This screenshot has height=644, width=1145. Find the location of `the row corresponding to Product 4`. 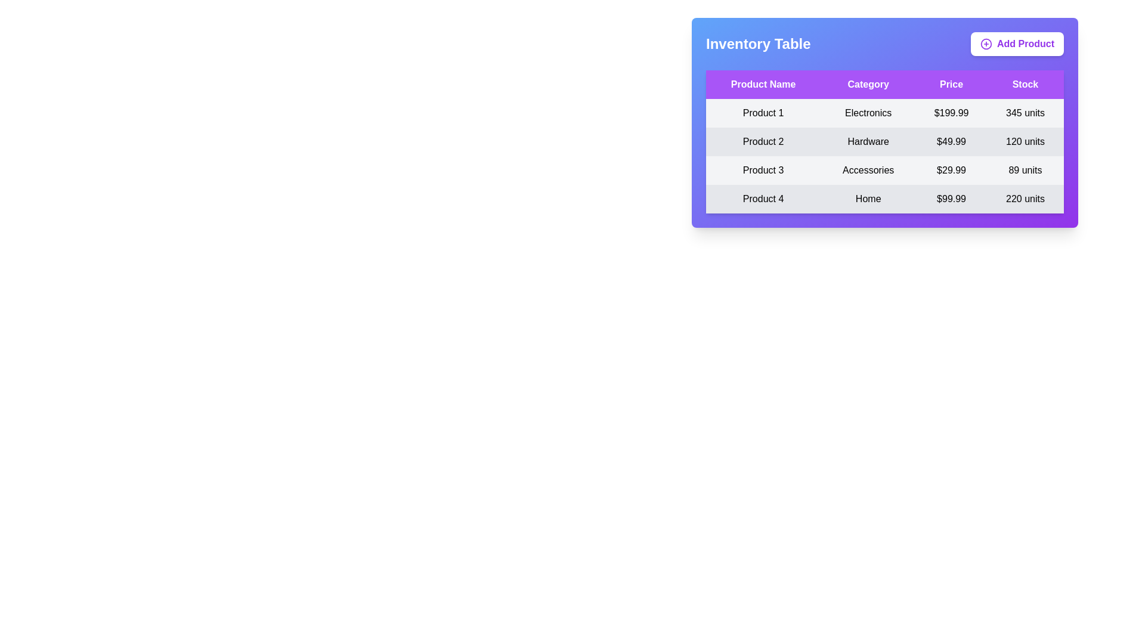

the row corresponding to Product 4 is located at coordinates (884, 199).